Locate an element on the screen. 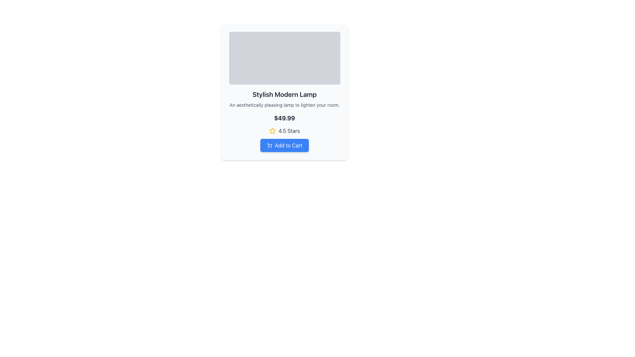  text displayed as '4.5 Stars' in gray color, which is part of a rating display located near the bottom section of the product card layout, adjacent to a yellow star icon is located at coordinates (289, 131).